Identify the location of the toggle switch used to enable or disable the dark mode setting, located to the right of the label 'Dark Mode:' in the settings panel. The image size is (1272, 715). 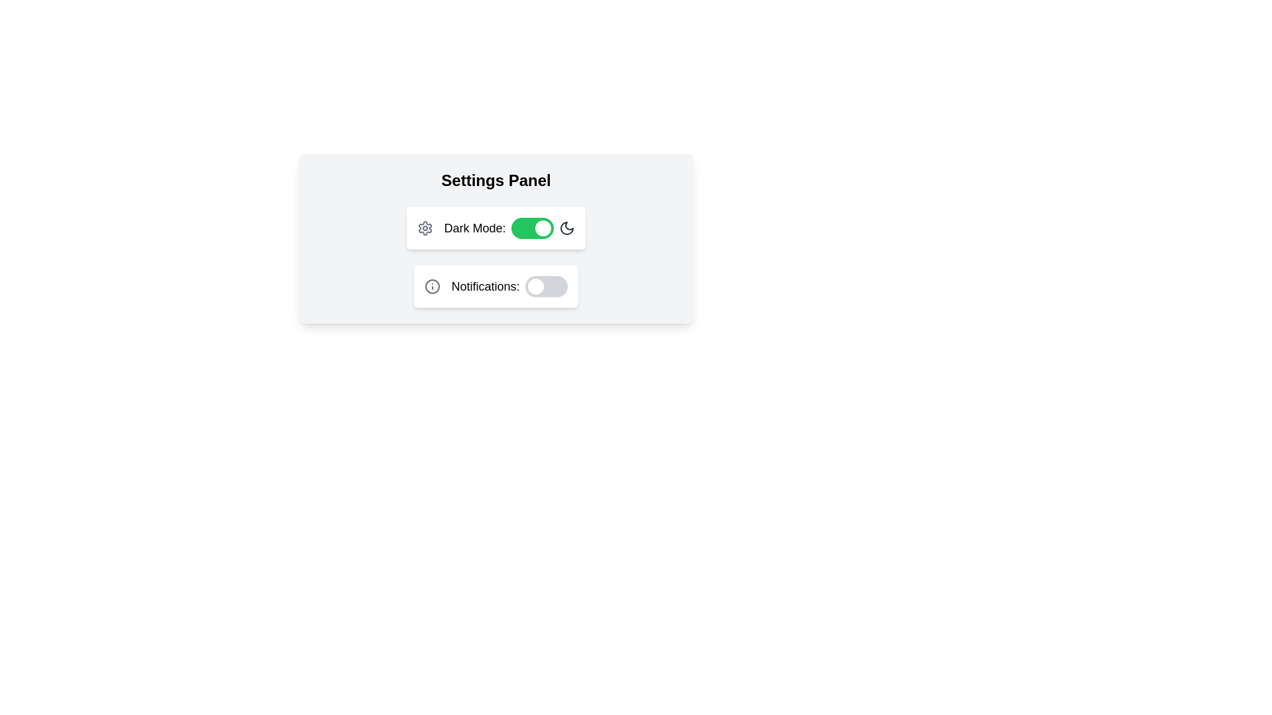
(532, 227).